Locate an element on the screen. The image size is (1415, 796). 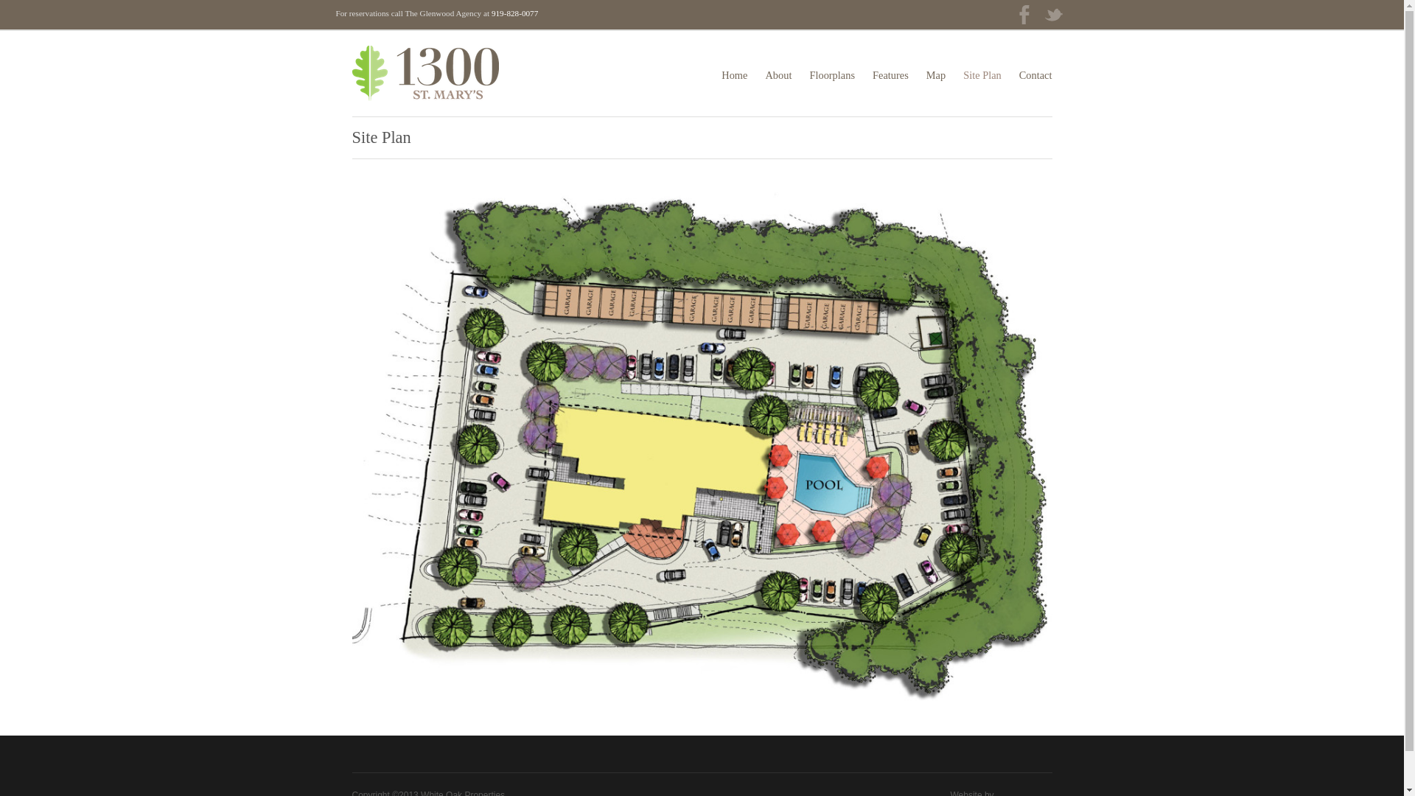
'Map' is located at coordinates (935, 75).